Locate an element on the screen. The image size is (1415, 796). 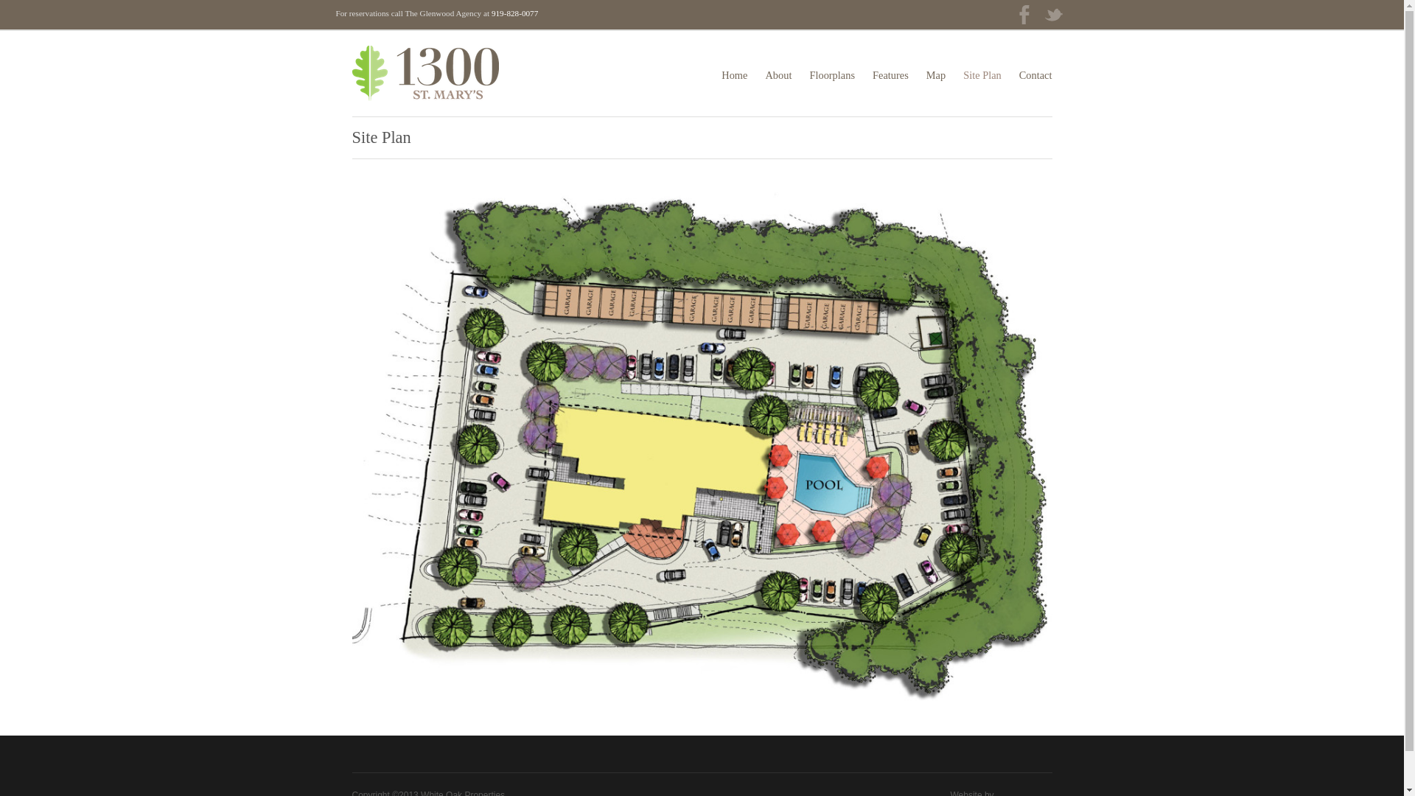
'Map' is located at coordinates (935, 75).